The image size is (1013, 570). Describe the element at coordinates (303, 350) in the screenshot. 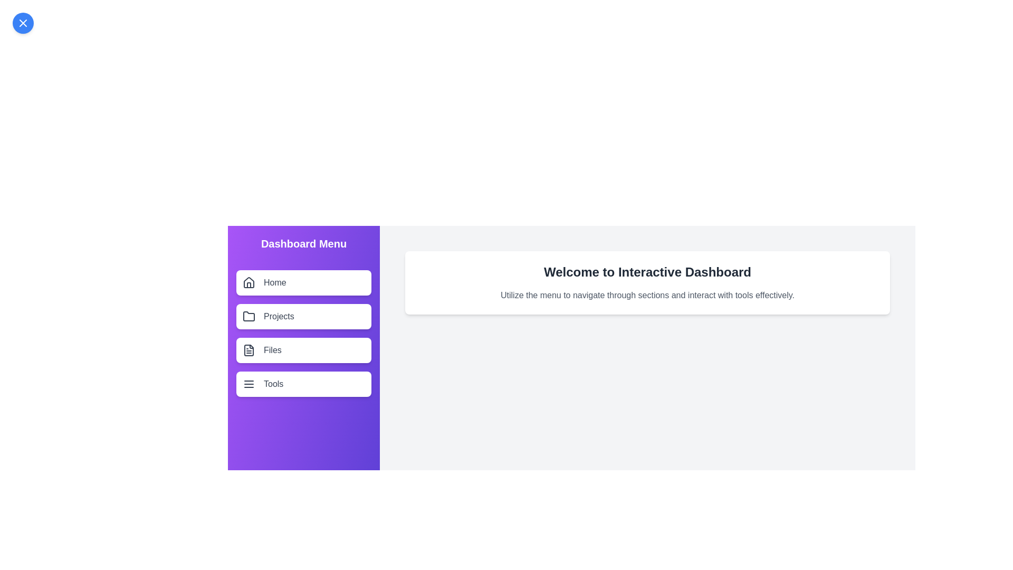

I see `the menu item labeled Files to navigate to its corresponding section` at that location.